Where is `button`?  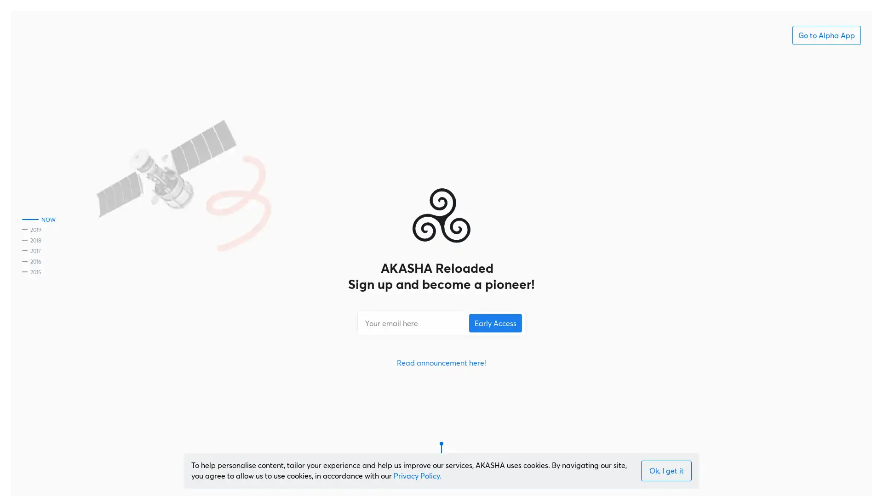 button is located at coordinates (666, 471).